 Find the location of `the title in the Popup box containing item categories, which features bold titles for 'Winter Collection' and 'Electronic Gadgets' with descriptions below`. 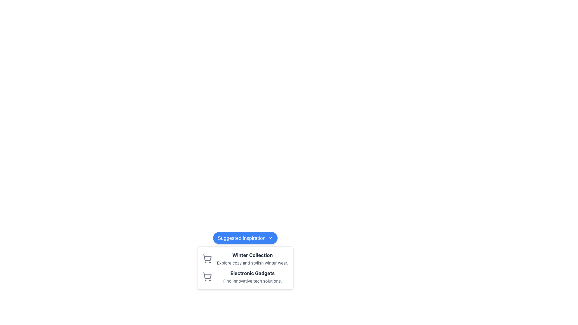

the title in the Popup box containing item categories, which features bold titles for 'Winter Collection' and 'Electronic Gadgets' with descriptions below is located at coordinates (245, 268).